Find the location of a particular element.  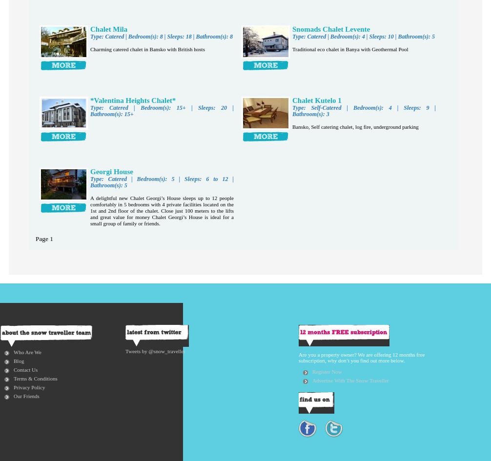

'Who Are We' is located at coordinates (27, 352).